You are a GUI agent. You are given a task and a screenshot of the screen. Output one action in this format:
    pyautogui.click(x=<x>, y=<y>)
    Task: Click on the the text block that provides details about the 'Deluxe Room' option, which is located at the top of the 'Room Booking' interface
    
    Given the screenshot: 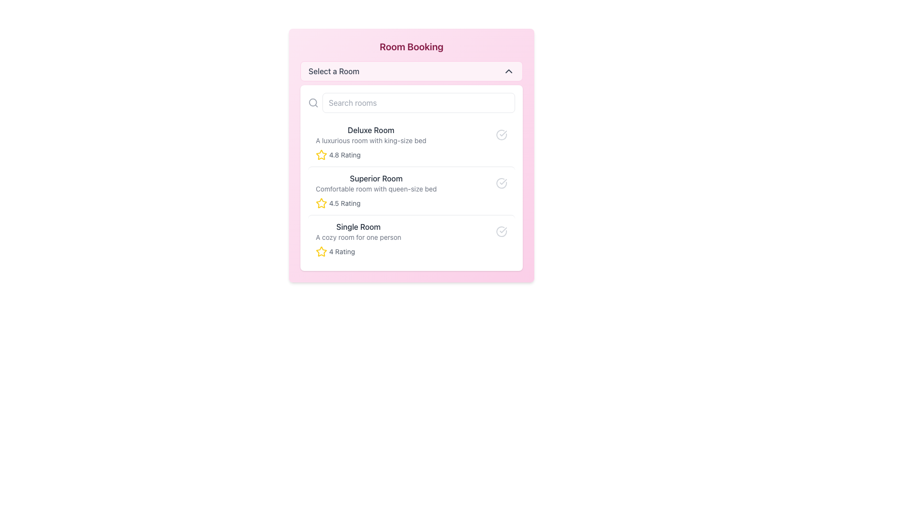 What is the action you would take?
    pyautogui.click(x=370, y=135)
    